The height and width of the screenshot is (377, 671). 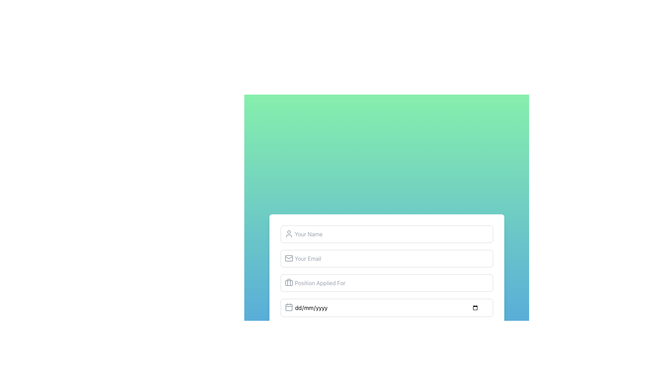 What do you see at coordinates (289, 258) in the screenshot?
I see `the email address icon located to the left of the 'Your Email' input field, which visually represents email-related input` at bounding box center [289, 258].